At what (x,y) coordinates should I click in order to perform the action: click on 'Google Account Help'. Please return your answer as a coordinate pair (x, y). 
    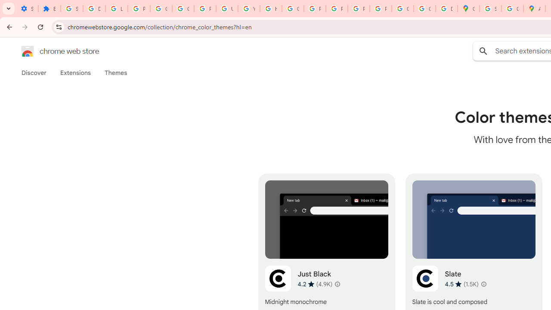
    Looking at the image, I should click on (161, 9).